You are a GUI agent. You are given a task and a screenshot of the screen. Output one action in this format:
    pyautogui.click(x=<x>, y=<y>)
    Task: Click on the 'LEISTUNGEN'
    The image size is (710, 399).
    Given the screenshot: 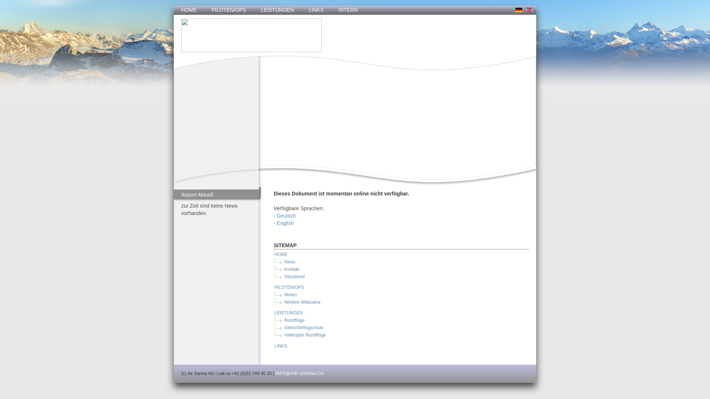 What is the action you would take?
    pyautogui.click(x=288, y=313)
    